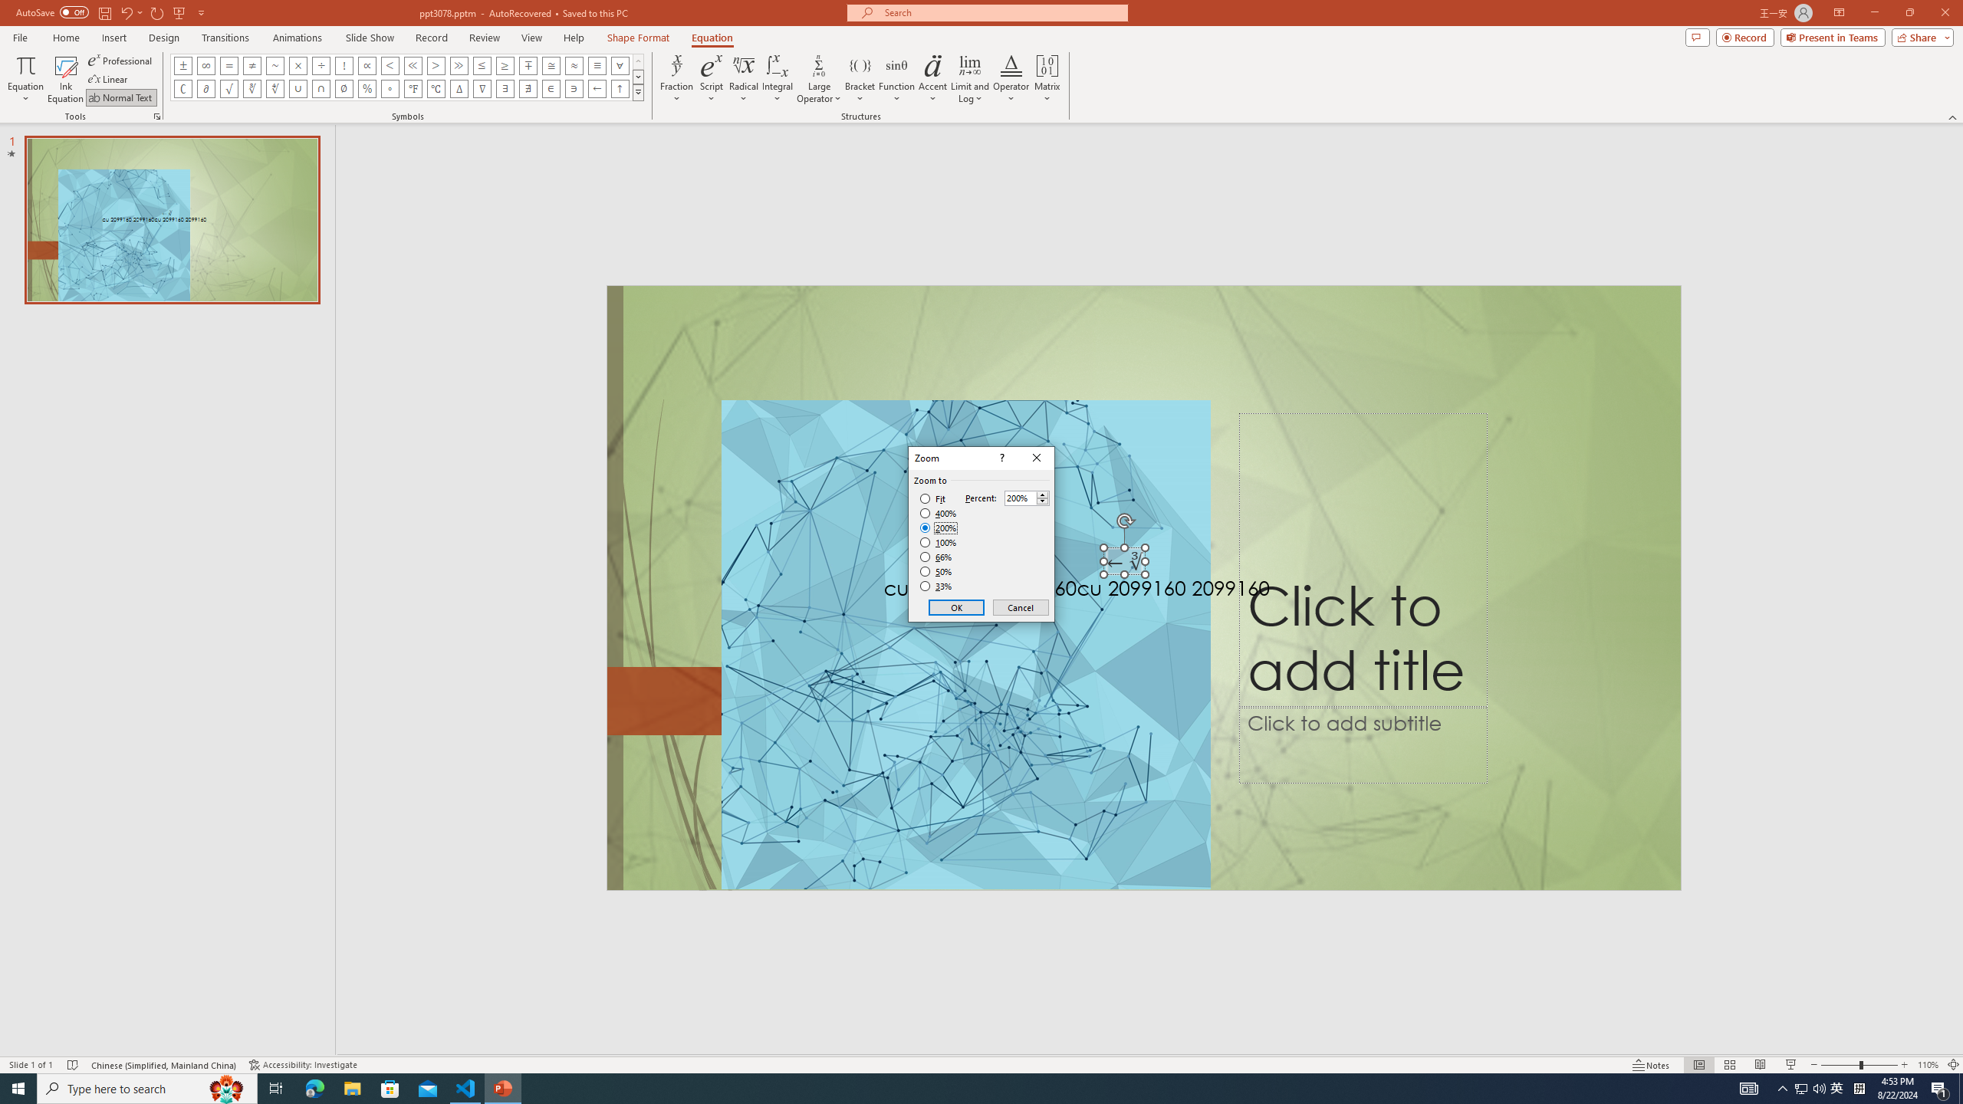 This screenshot has width=1963, height=1104. I want to click on 'Equation Symbol Empty Set', so click(344, 87).